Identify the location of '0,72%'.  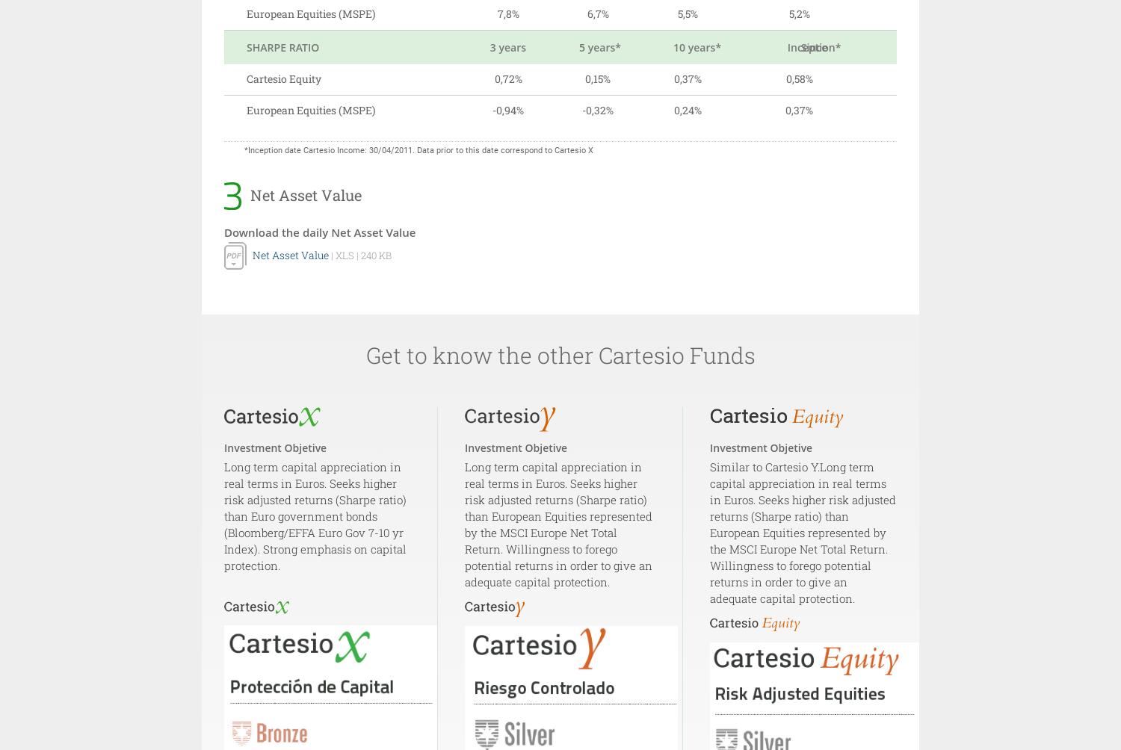
(494, 78).